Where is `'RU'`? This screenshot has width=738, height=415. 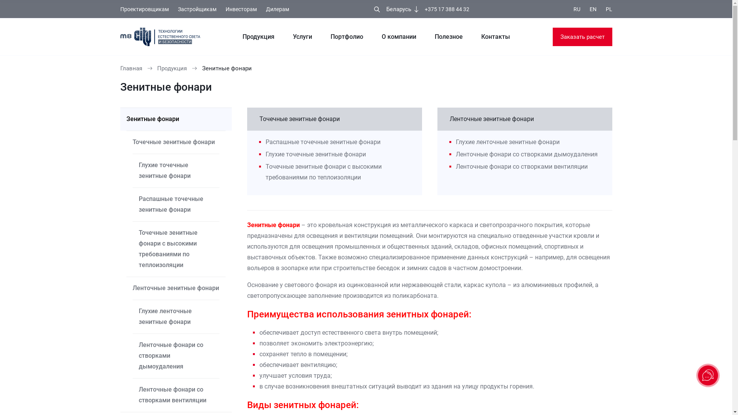 'RU' is located at coordinates (577, 9).